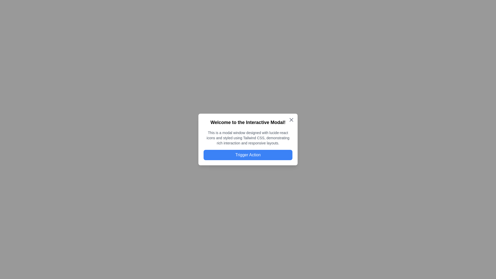 The image size is (496, 279). Describe the element at coordinates (291, 120) in the screenshot. I see `the first diagonal line of the close button in the top-right corner of the modal window's header area, which is represented as an SVG icon` at that location.